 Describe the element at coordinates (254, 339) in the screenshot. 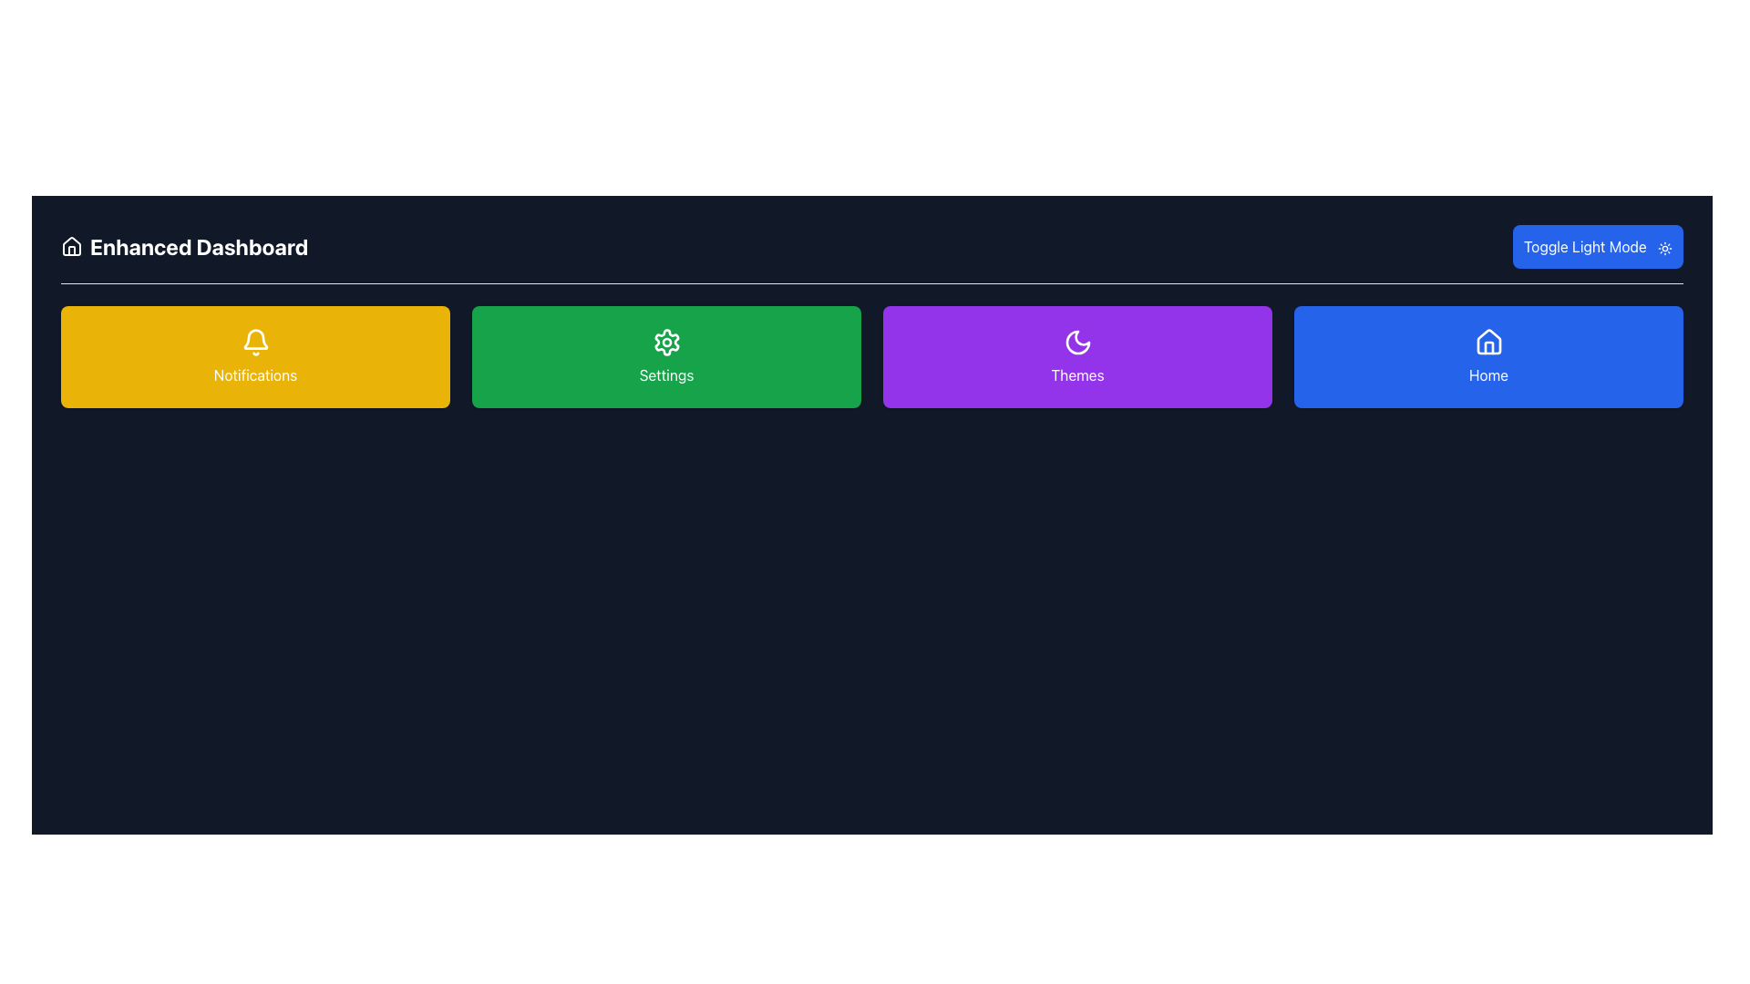

I see `the bell icon that represents notifications, centrally aligned within the 'Notifications' button, which is the first button from the left in a row of four buttons near the top of the interface` at that location.